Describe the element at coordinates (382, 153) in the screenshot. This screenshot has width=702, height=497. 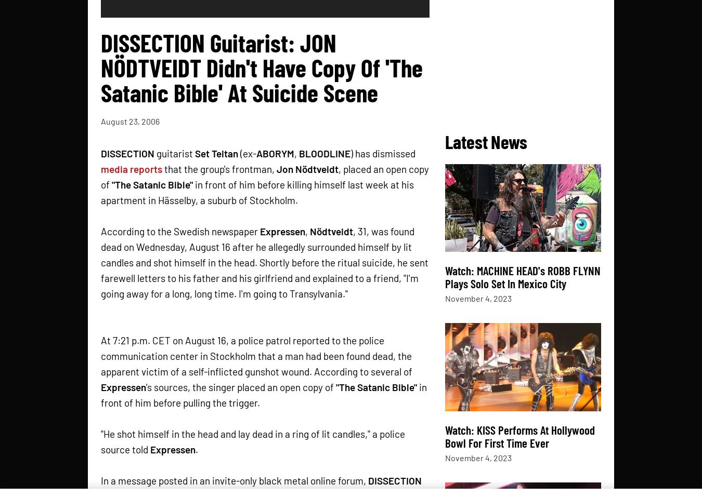
I see `') has dismissed'` at that location.